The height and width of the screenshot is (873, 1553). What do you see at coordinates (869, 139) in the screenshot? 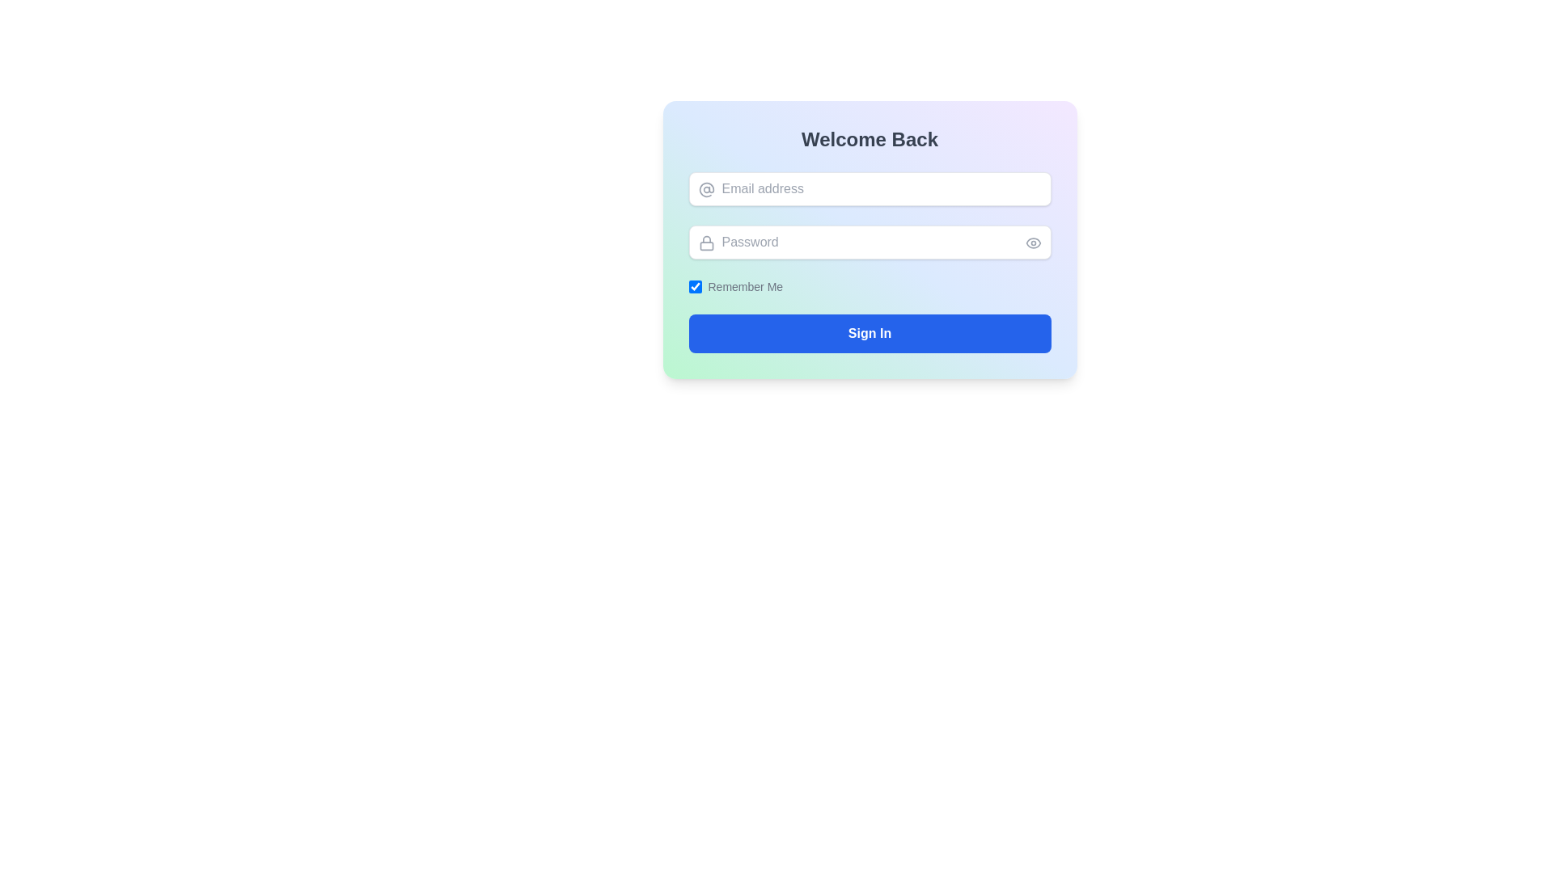
I see `the 'Welcome Back' text heading, which is displayed in bold, large font and dark gray color` at bounding box center [869, 139].